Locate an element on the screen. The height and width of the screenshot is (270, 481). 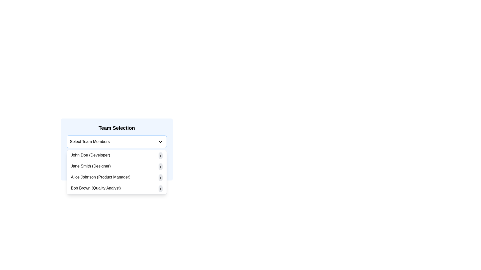
the button located to the right of 'Jane Smith (Designer)' in the 'Team Selection' section is located at coordinates (160, 167).